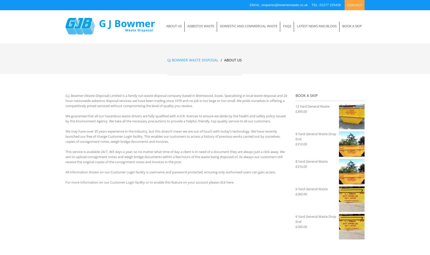 The width and height of the screenshot is (430, 255). I want to click on 'We may have over 35 years experience in the industry, but this doesn’t mean we are out of touch with today’s technology. We have recently launched our free of charge Customer Login facility. This enables our customers to access a history of previous works carried out by ourselves, copies of consignment notes, weigh bridge documents and invoices.', so click(173, 136).